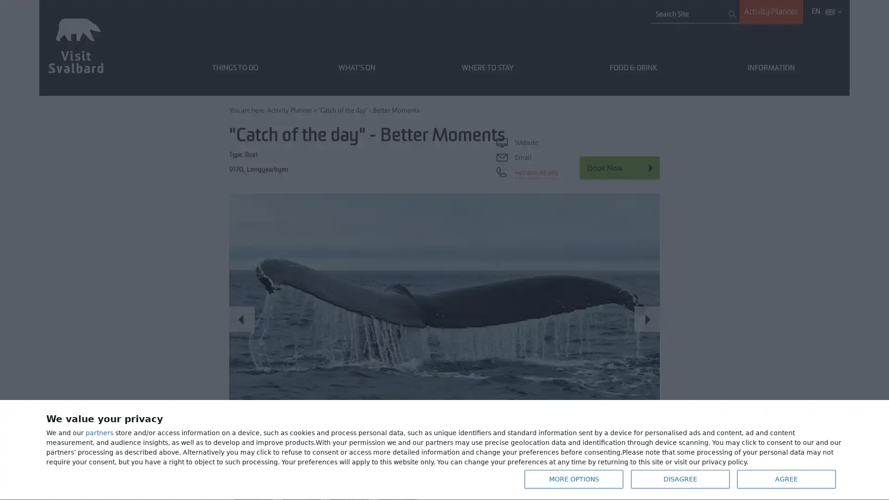 This screenshot has height=500, width=889. Describe the element at coordinates (785, 479) in the screenshot. I see `AGREE` at that location.